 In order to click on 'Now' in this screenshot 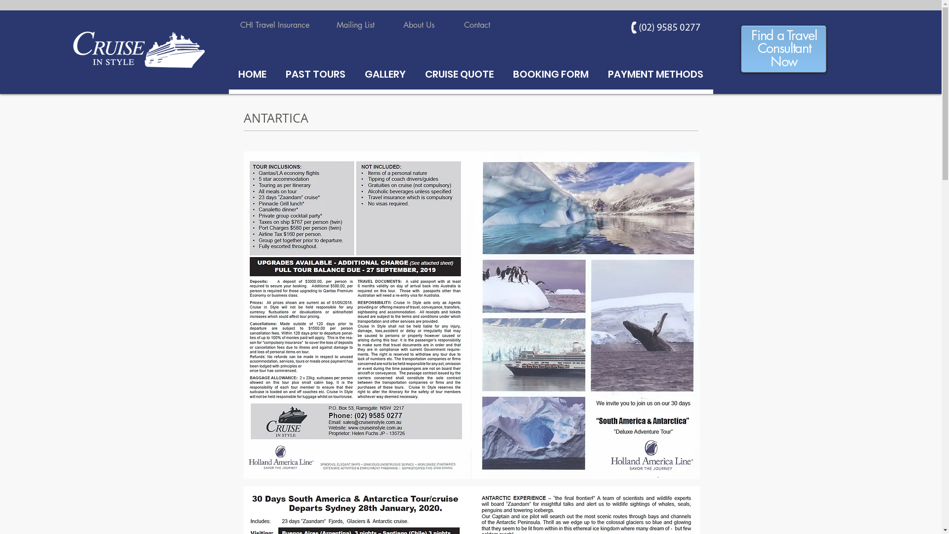, I will do `click(783, 63)`.